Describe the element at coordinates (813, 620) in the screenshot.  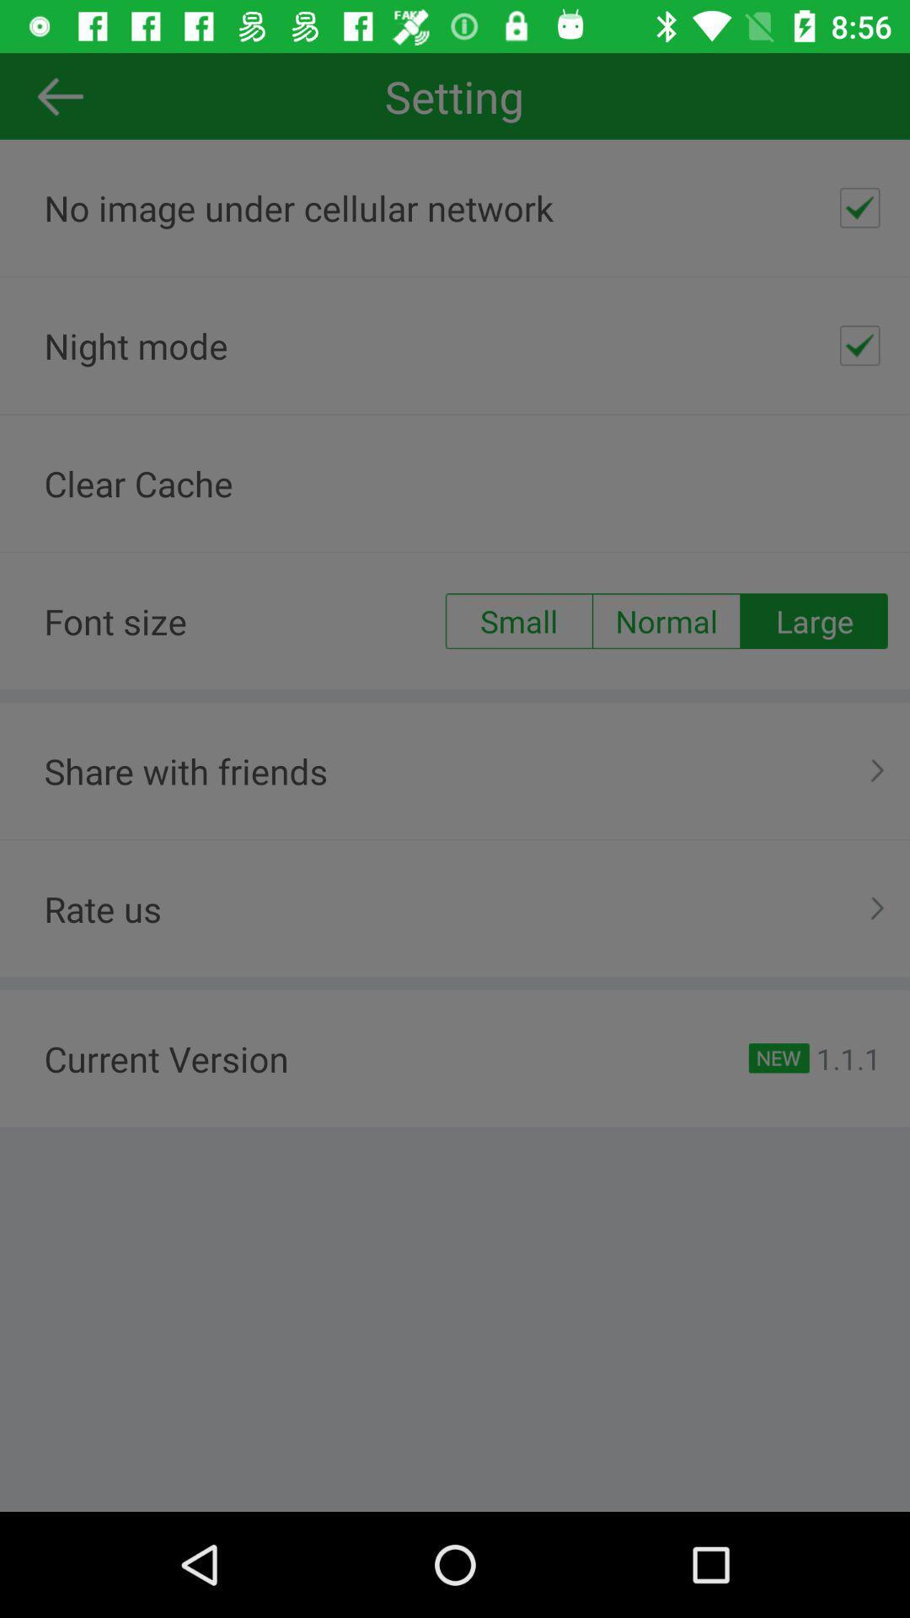
I see `large item` at that location.